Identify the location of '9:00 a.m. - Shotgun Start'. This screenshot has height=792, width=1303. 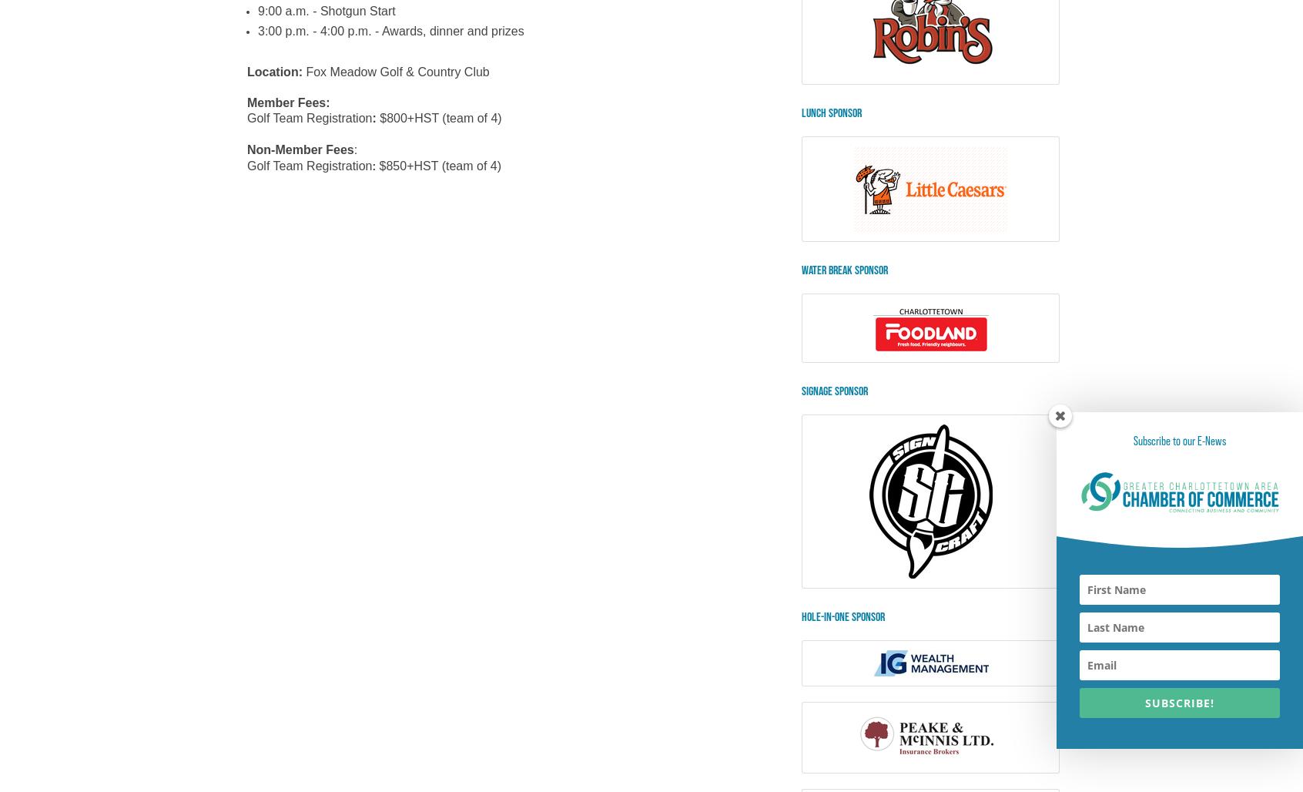
(326, 10).